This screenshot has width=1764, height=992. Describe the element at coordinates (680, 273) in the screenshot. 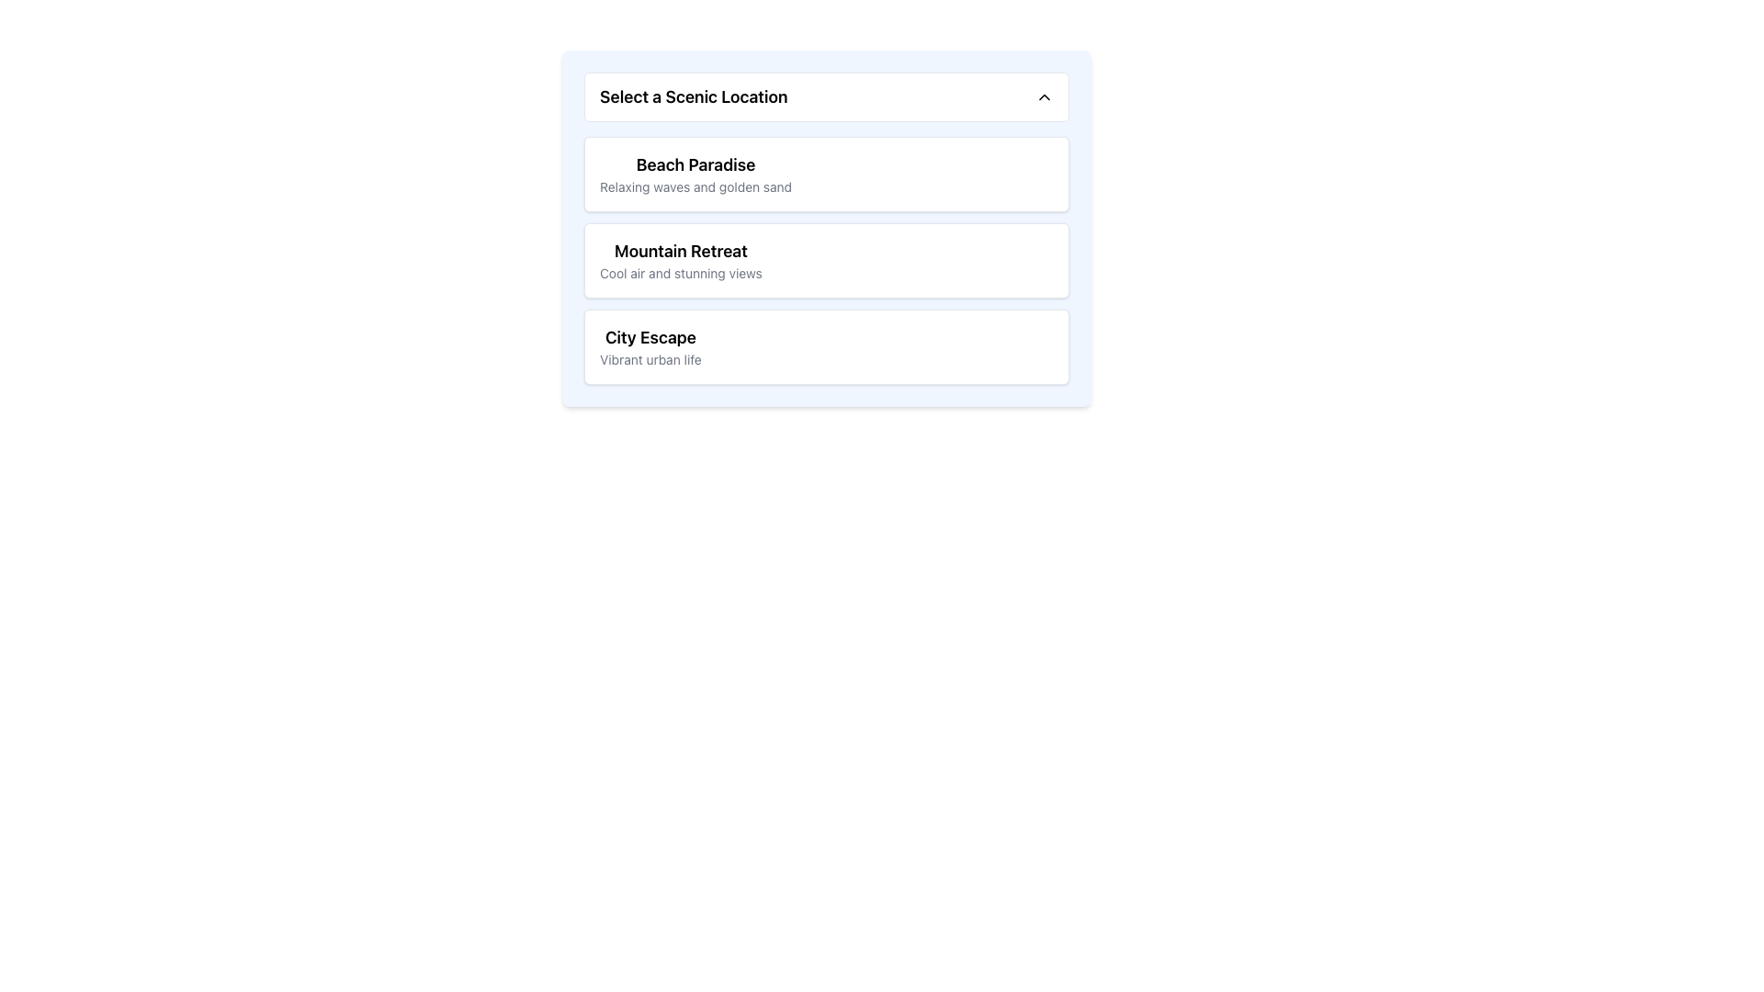

I see `the Text Label that reads 'Cool air and stunning views', which is styled in gray and positioned below the 'Mountain Retreat' header` at that location.